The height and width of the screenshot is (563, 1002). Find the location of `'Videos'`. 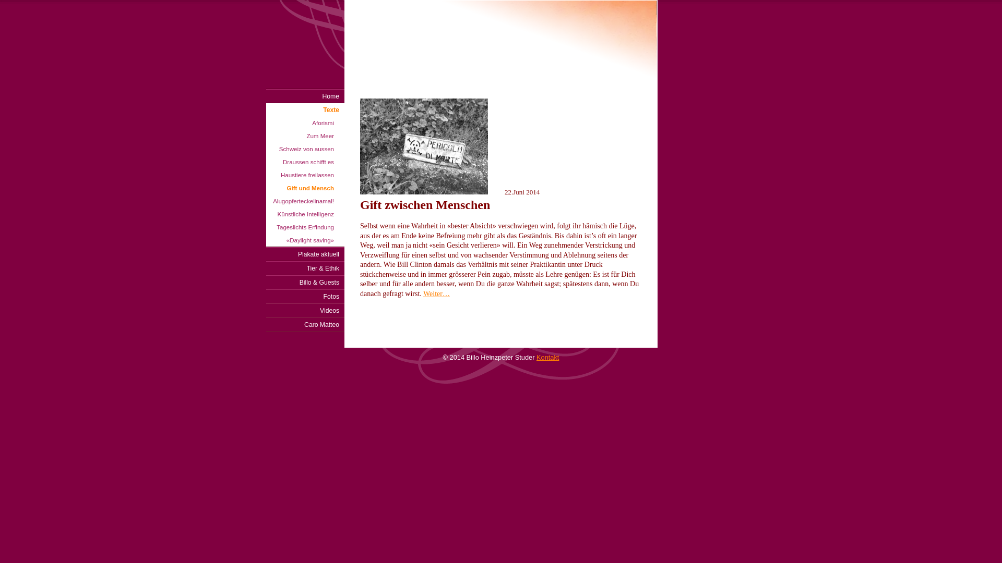

'Videos' is located at coordinates (305, 310).